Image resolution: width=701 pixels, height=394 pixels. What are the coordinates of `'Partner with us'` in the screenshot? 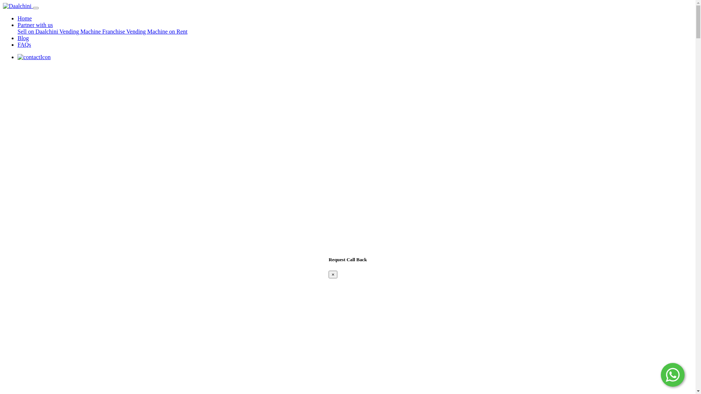 It's located at (35, 24).